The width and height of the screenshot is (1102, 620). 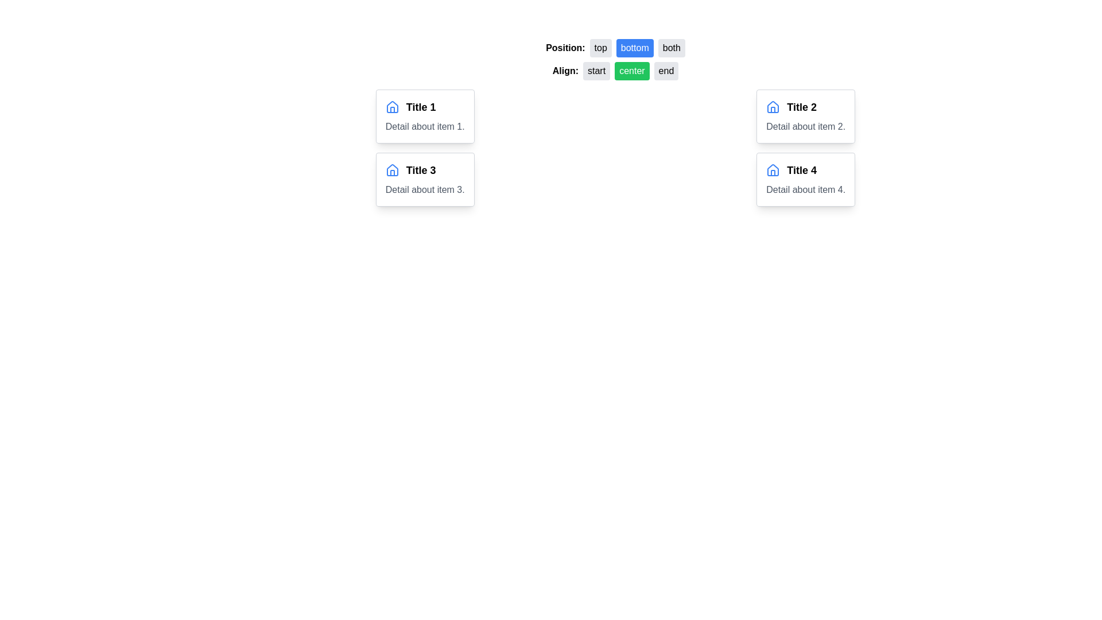 What do you see at coordinates (805, 117) in the screenshot?
I see `the Card component presenting information about 'Title 2' located in the upper right part of the interface` at bounding box center [805, 117].